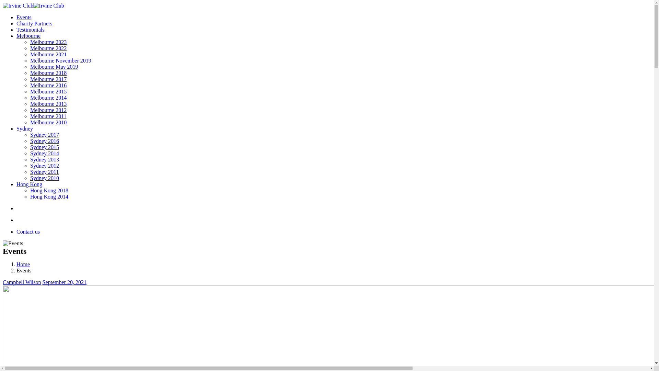 Image resolution: width=659 pixels, height=371 pixels. What do you see at coordinates (44, 159) in the screenshot?
I see `'Sydney 2013'` at bounding box center [44, 159].